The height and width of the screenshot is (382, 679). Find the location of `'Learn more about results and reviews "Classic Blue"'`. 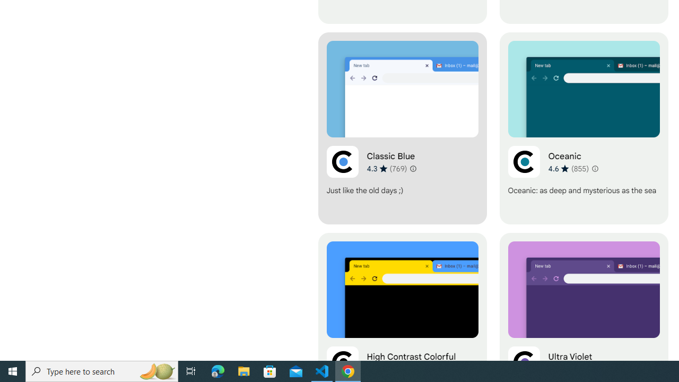

'Learn more about results and reviews "Classic Blue"' is located at coordinates (412, 168).